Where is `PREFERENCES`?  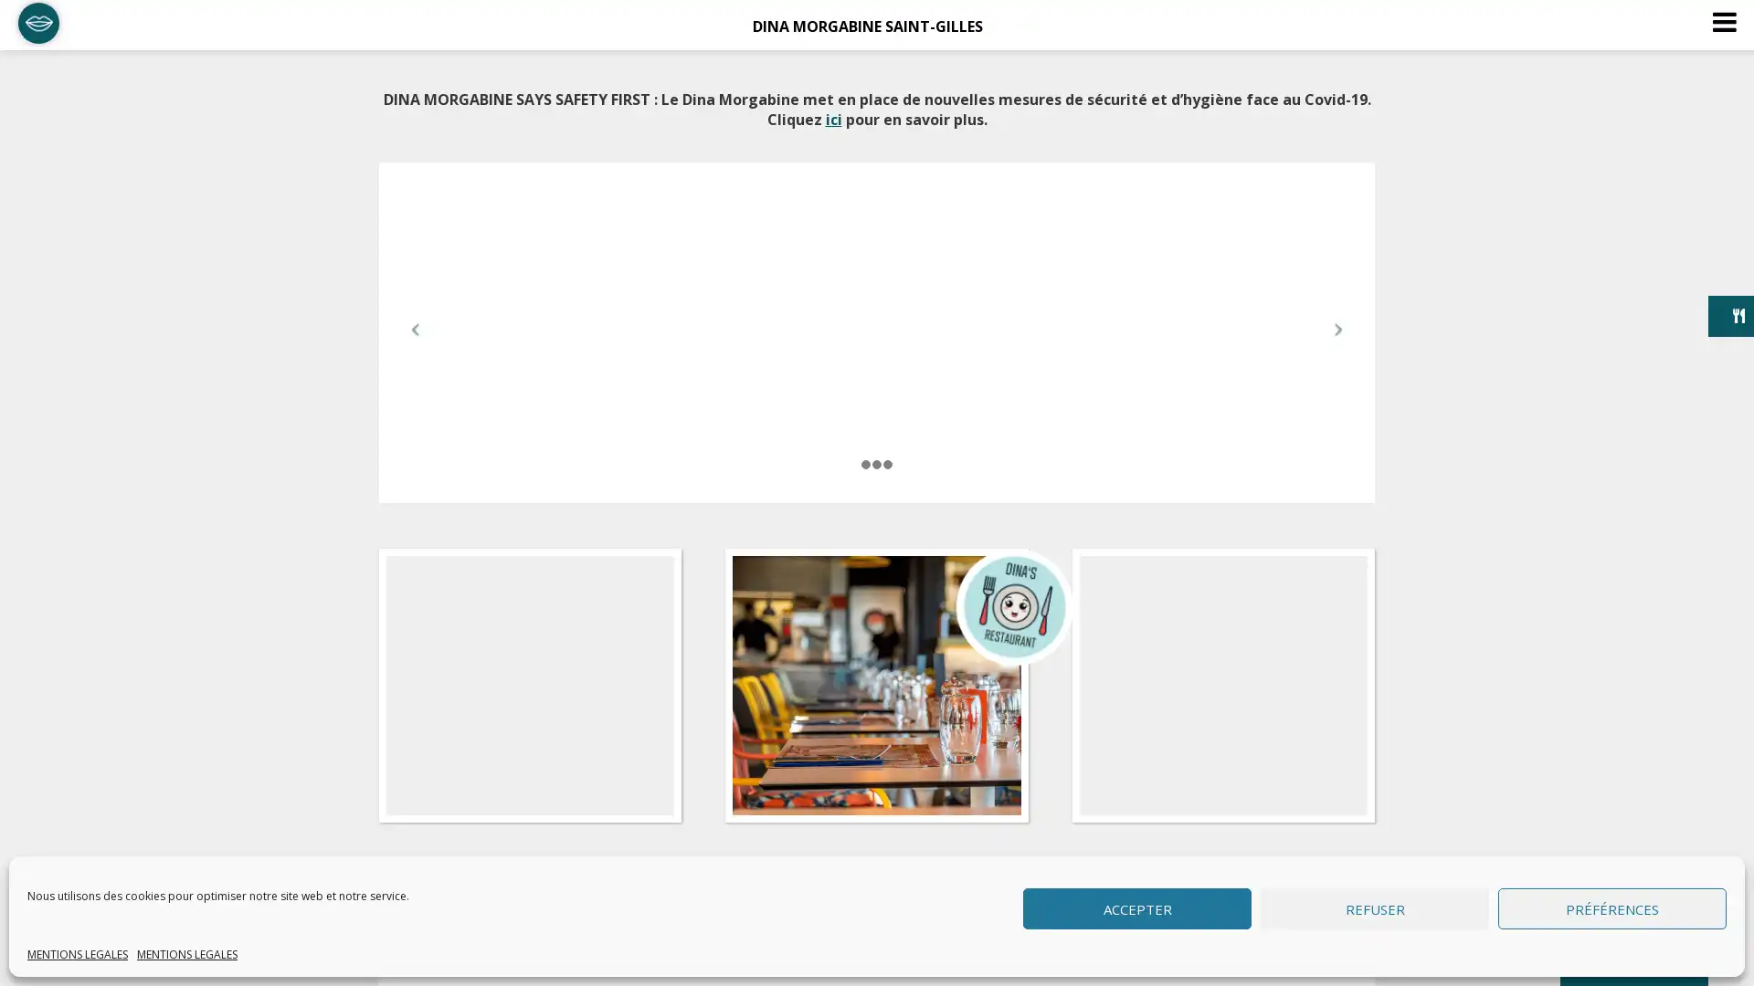 PREFERENCES is located at coordinates (1612, 908).